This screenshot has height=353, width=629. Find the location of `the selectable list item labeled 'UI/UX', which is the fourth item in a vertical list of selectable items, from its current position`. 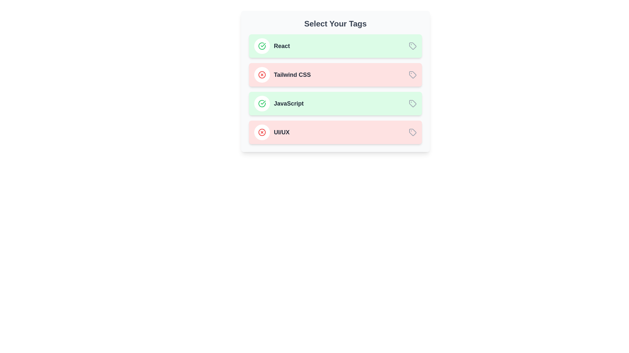

the selectable list item labeled 'UI/UX', which is the fourth item in a vertical list of selectable items, from its current position is located at coordinates (335, 132).